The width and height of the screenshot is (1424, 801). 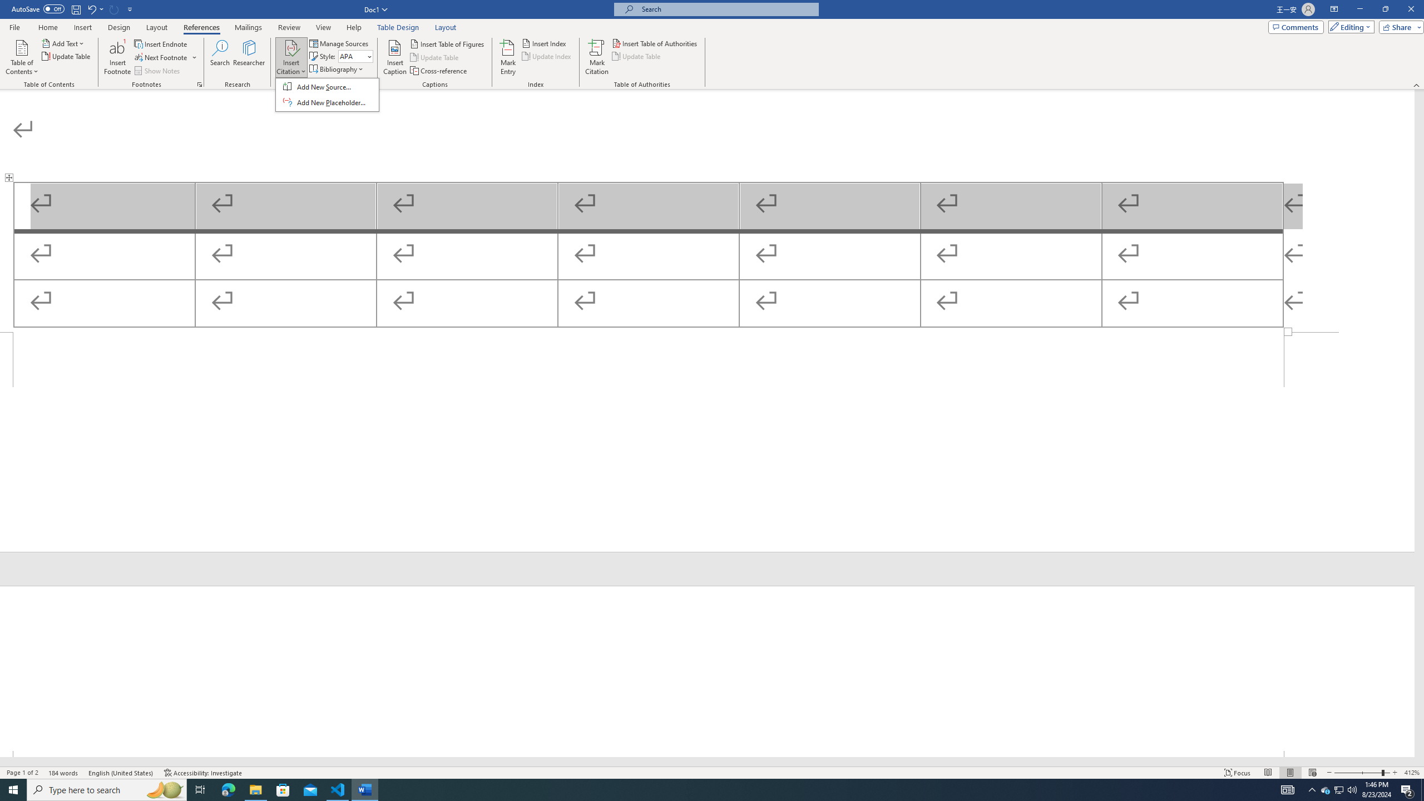 What do you see at coordinates (161, 43) in the screenshot?
I see `'Insert Endnote'` at bounding box center [161, 43].